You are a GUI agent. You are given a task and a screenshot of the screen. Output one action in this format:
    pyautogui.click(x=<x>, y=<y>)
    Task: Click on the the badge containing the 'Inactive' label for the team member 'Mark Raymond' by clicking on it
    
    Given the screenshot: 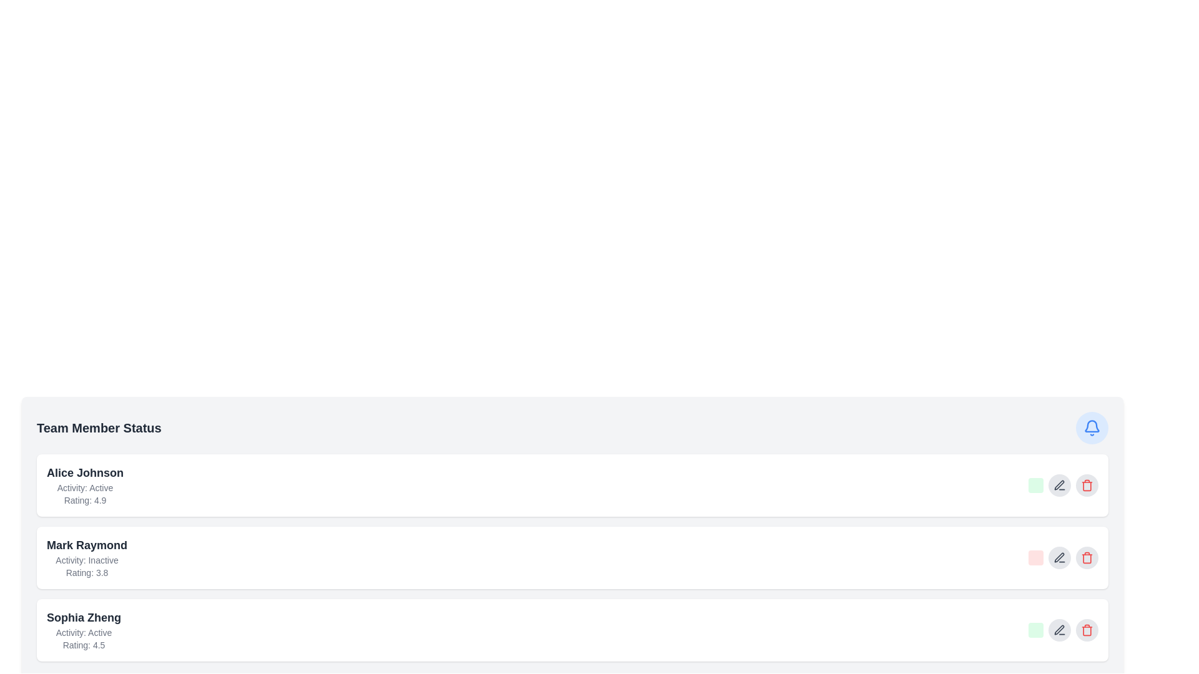 What is the action you would take?
    pyautogui.click(x=1043, y=560)
    